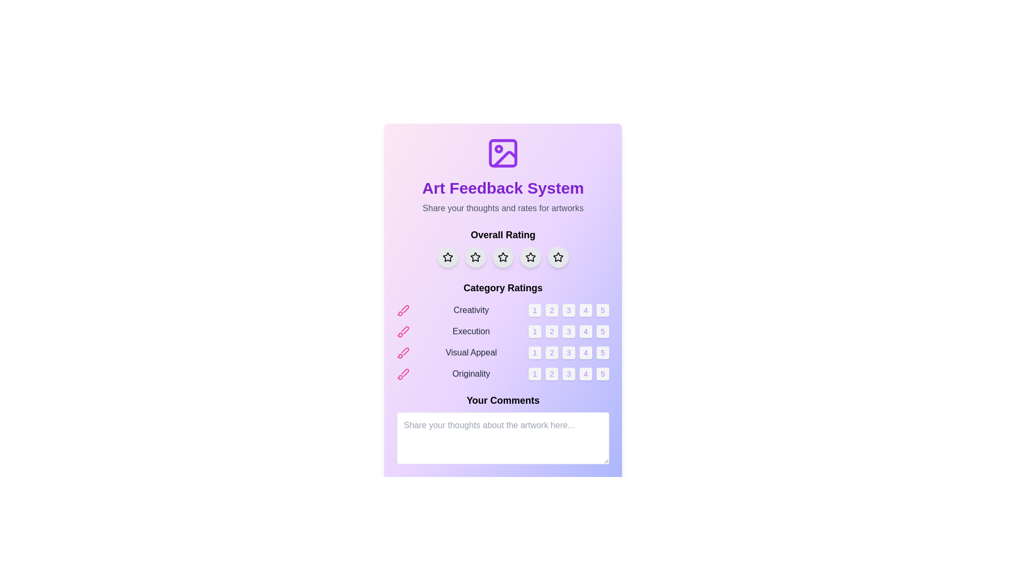 Image resolution: width=1019 pixels, height=573 pixels. I want to click on the icon that represents the theme of the application related to images or artworks, located at the top center above the 'Art Feedback System' title, so click(503, 153).